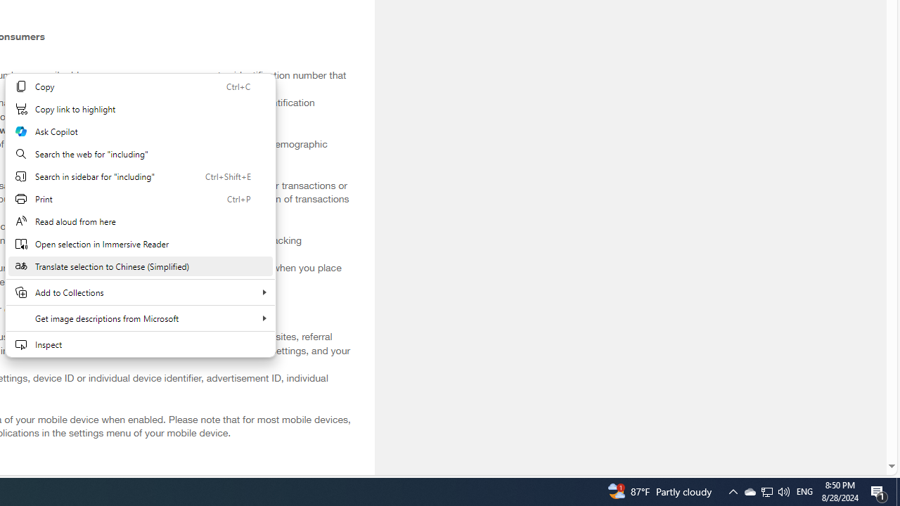  What do you see at coordinates (140, 108) in the screenshot?
I see `'Copy link to highlight'` at bounding box center [140, 108].